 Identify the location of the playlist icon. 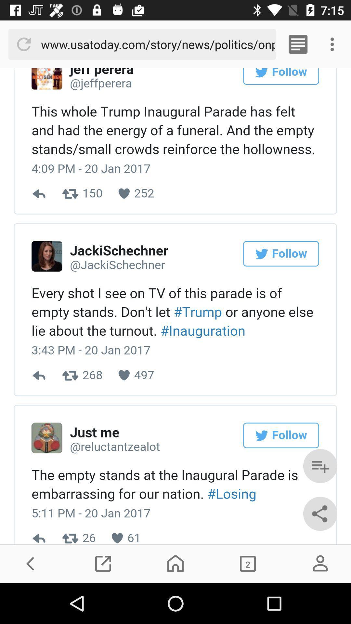
(320, 466).